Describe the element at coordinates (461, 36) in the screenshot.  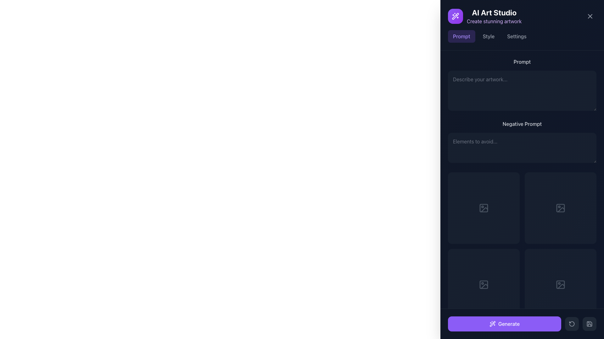
I see `the first button in a horizontal row of buttons that allows the user to navigate to the 'Prompt' section of the interface, located near the top-left corner of the right side panel` at that location.